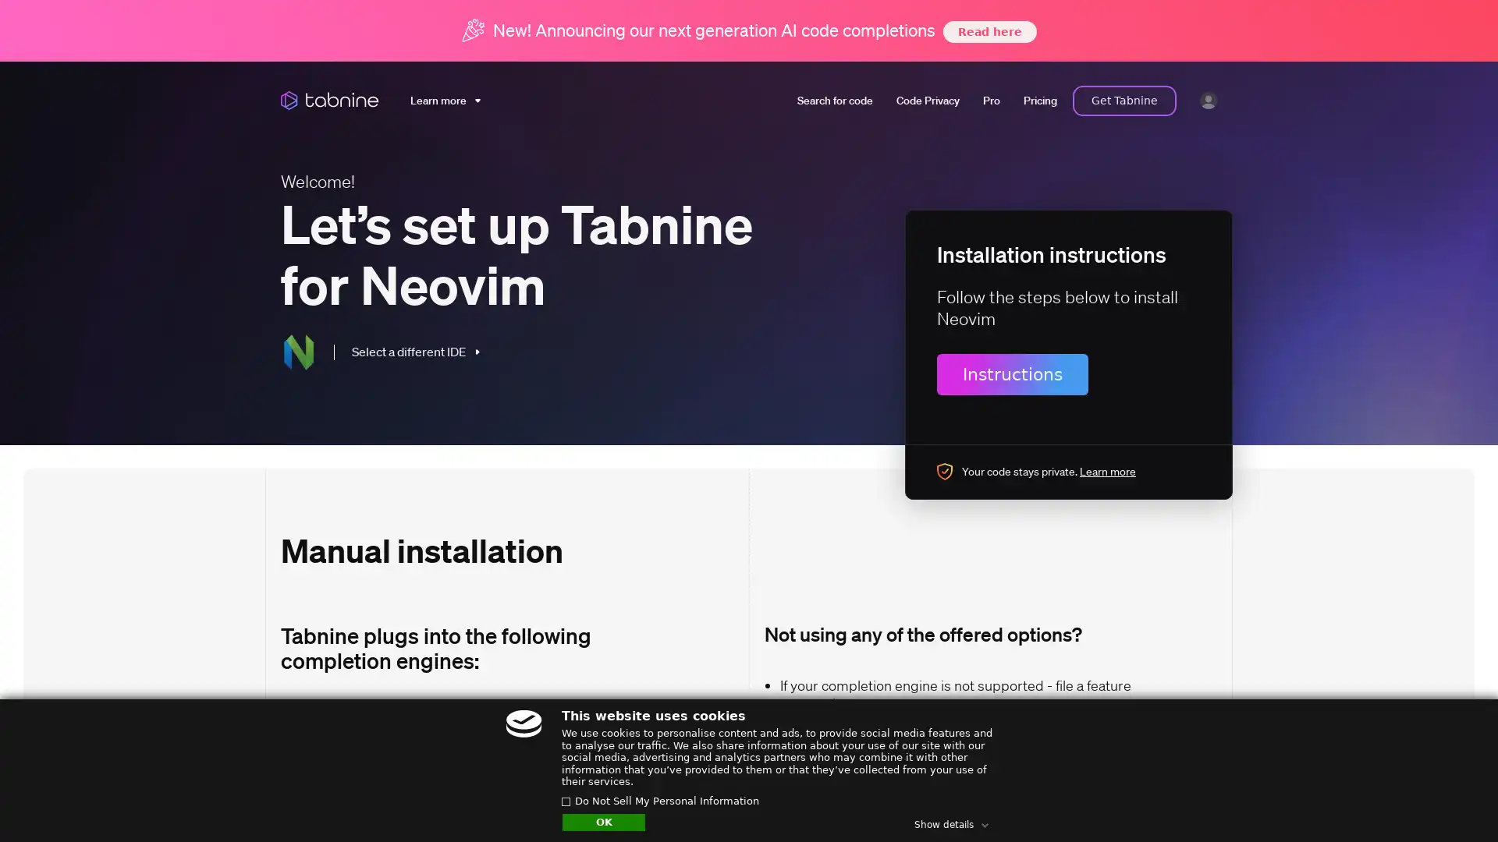  Describe the element at coordinates (1416, 782) in the screenshot. I see `Dismiss Message` at that location.